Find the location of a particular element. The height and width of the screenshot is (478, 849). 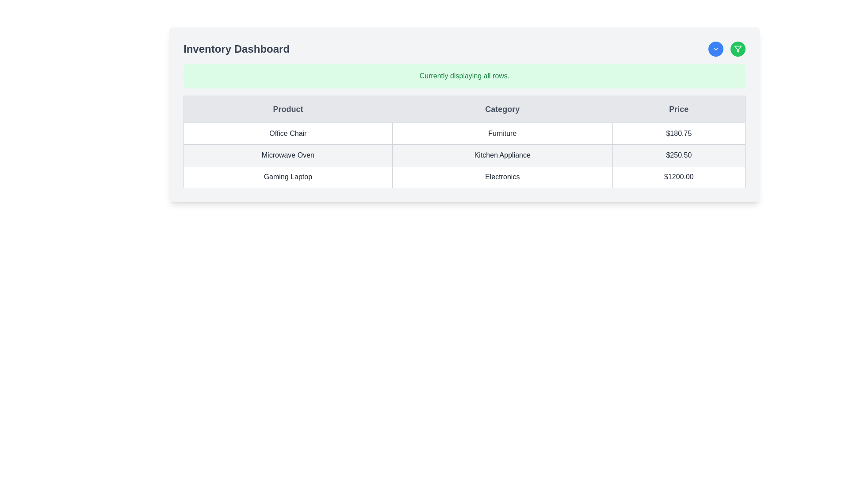

text displayed in the 'Microwave Oven' label, which is a standard sans-serif font text label located in the second row of the 'Product' column is located at coordinates (288, 155).